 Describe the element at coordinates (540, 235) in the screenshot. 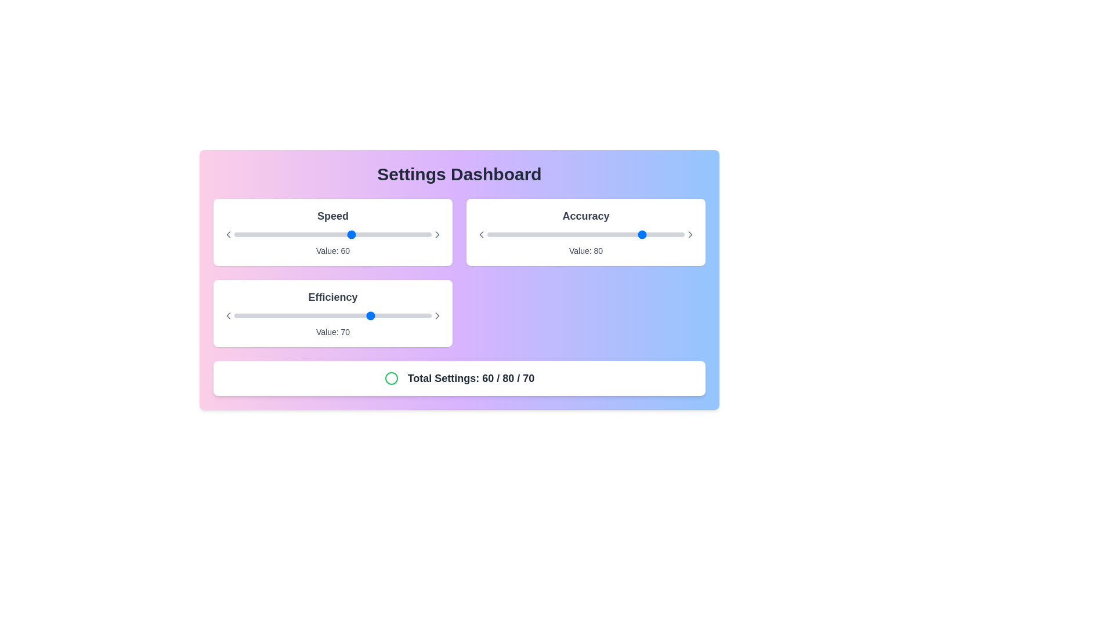

I see `the accuracy slider` at that location.